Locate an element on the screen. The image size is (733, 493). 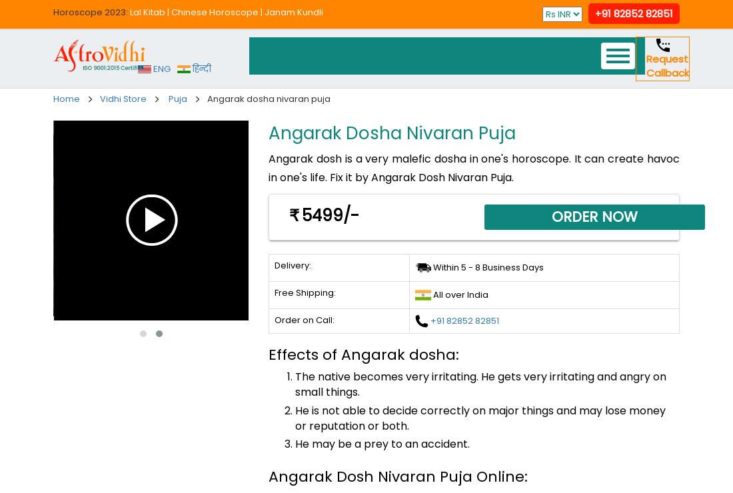
'Free Shipping:' is located at coordinates (305, 291).